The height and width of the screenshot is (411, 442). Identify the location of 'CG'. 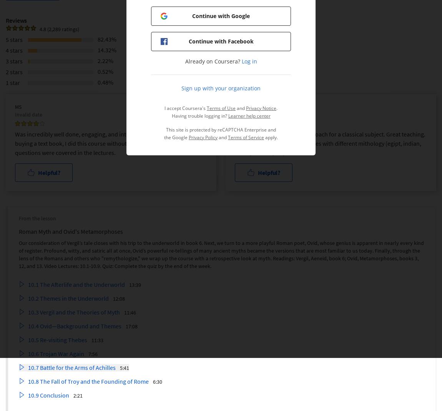
(238, 106).